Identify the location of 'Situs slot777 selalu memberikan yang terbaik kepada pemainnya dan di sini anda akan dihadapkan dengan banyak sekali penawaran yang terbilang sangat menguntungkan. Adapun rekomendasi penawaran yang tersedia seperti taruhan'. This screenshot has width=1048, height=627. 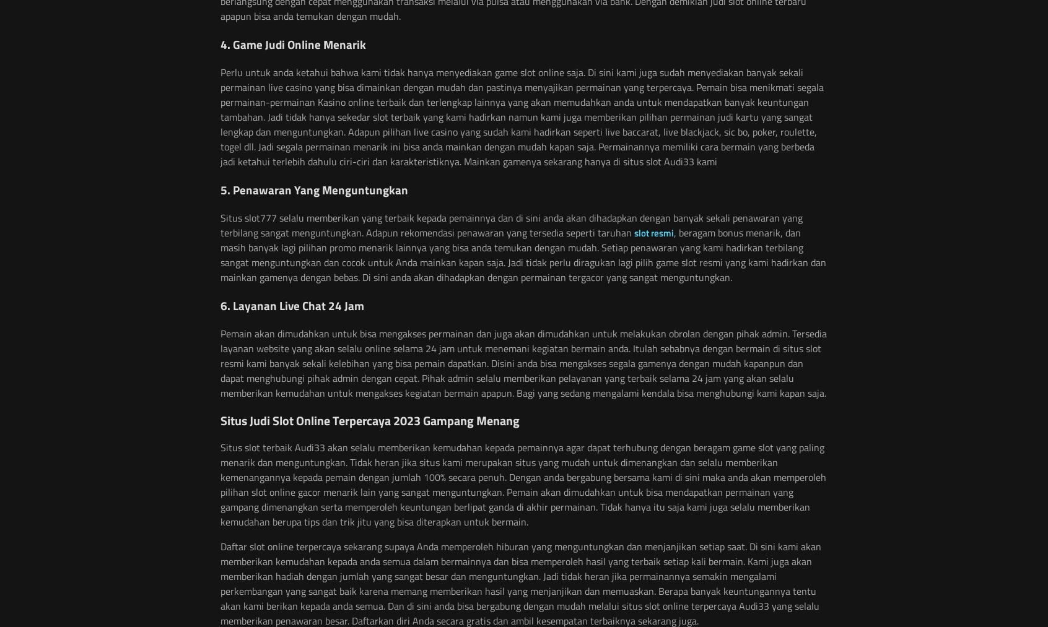
(220, 225).